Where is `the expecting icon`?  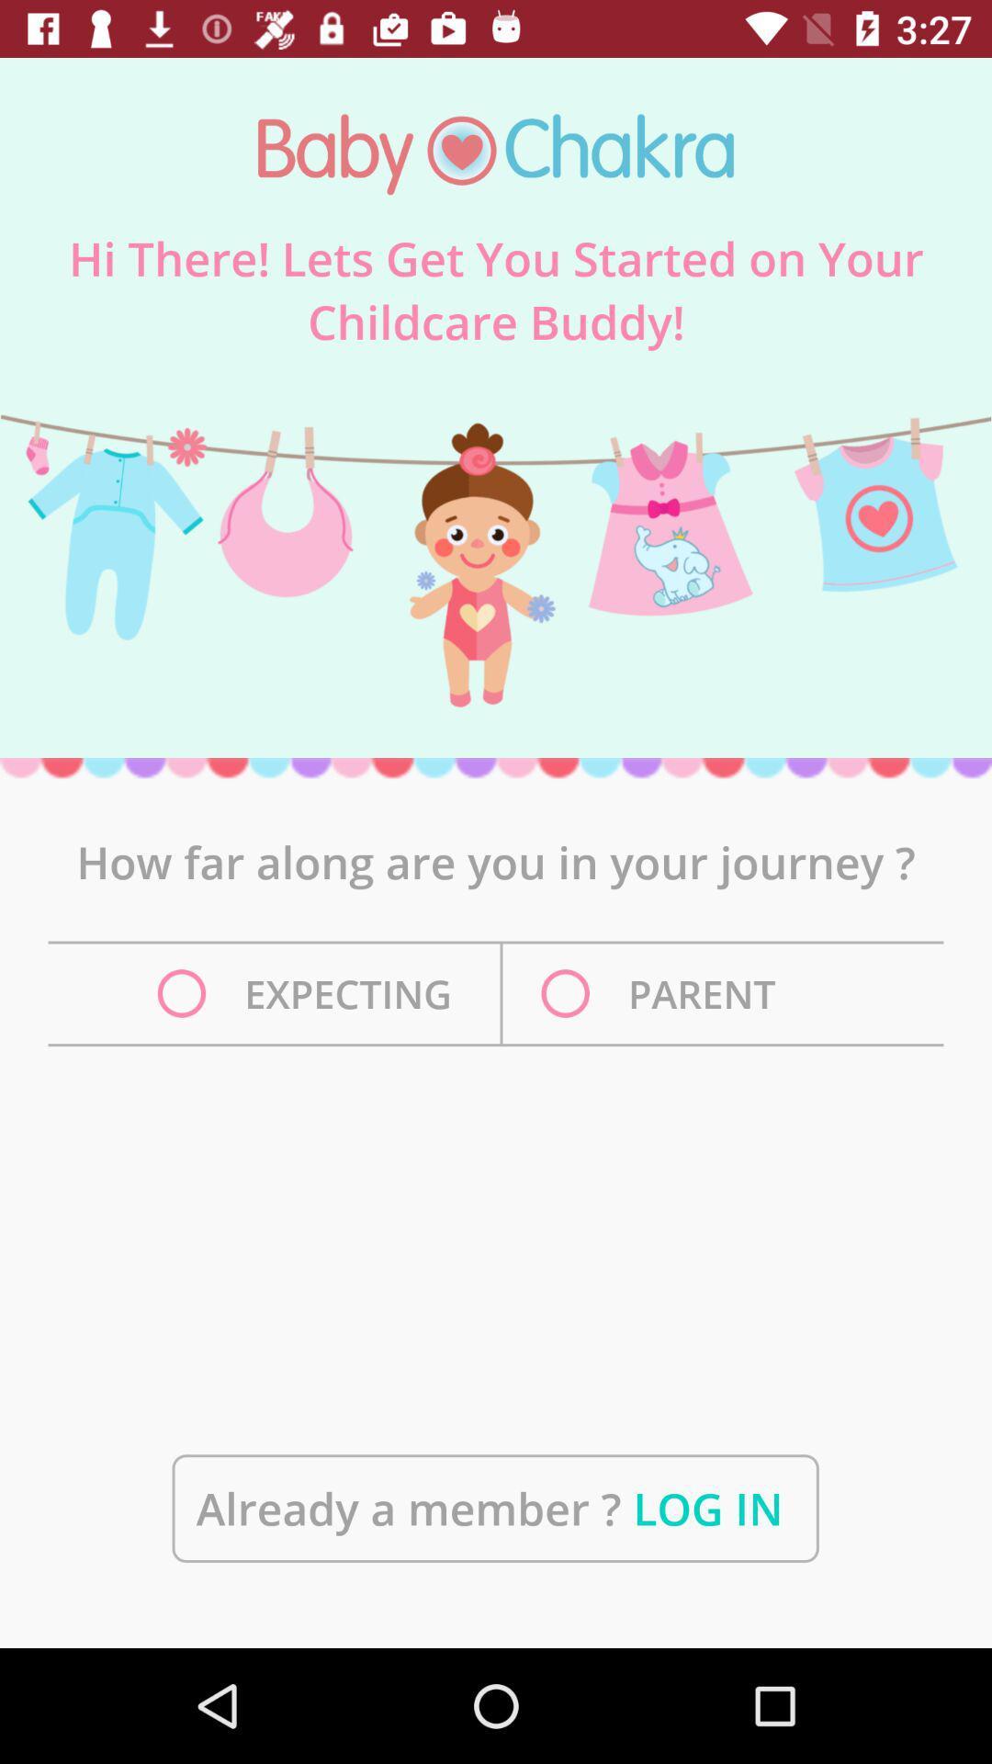 the expecting icon is located at coordinates (309, 992).